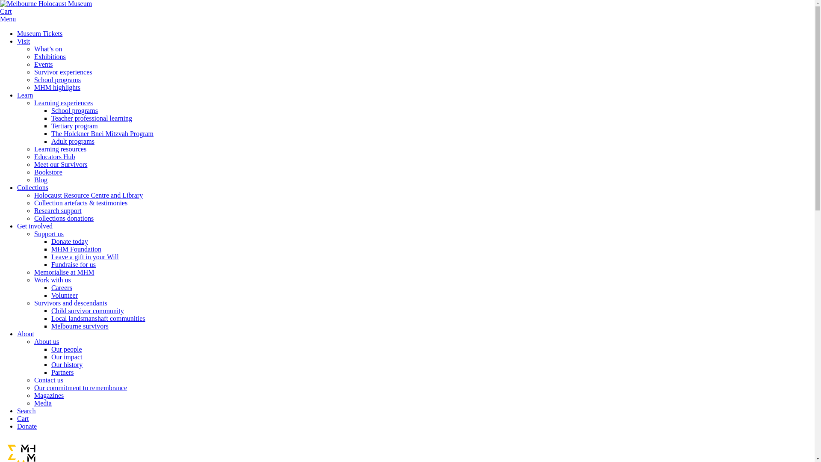  Describe the element at coordinates (43, 64) in the screenshot. I see `'Events'` at that location.